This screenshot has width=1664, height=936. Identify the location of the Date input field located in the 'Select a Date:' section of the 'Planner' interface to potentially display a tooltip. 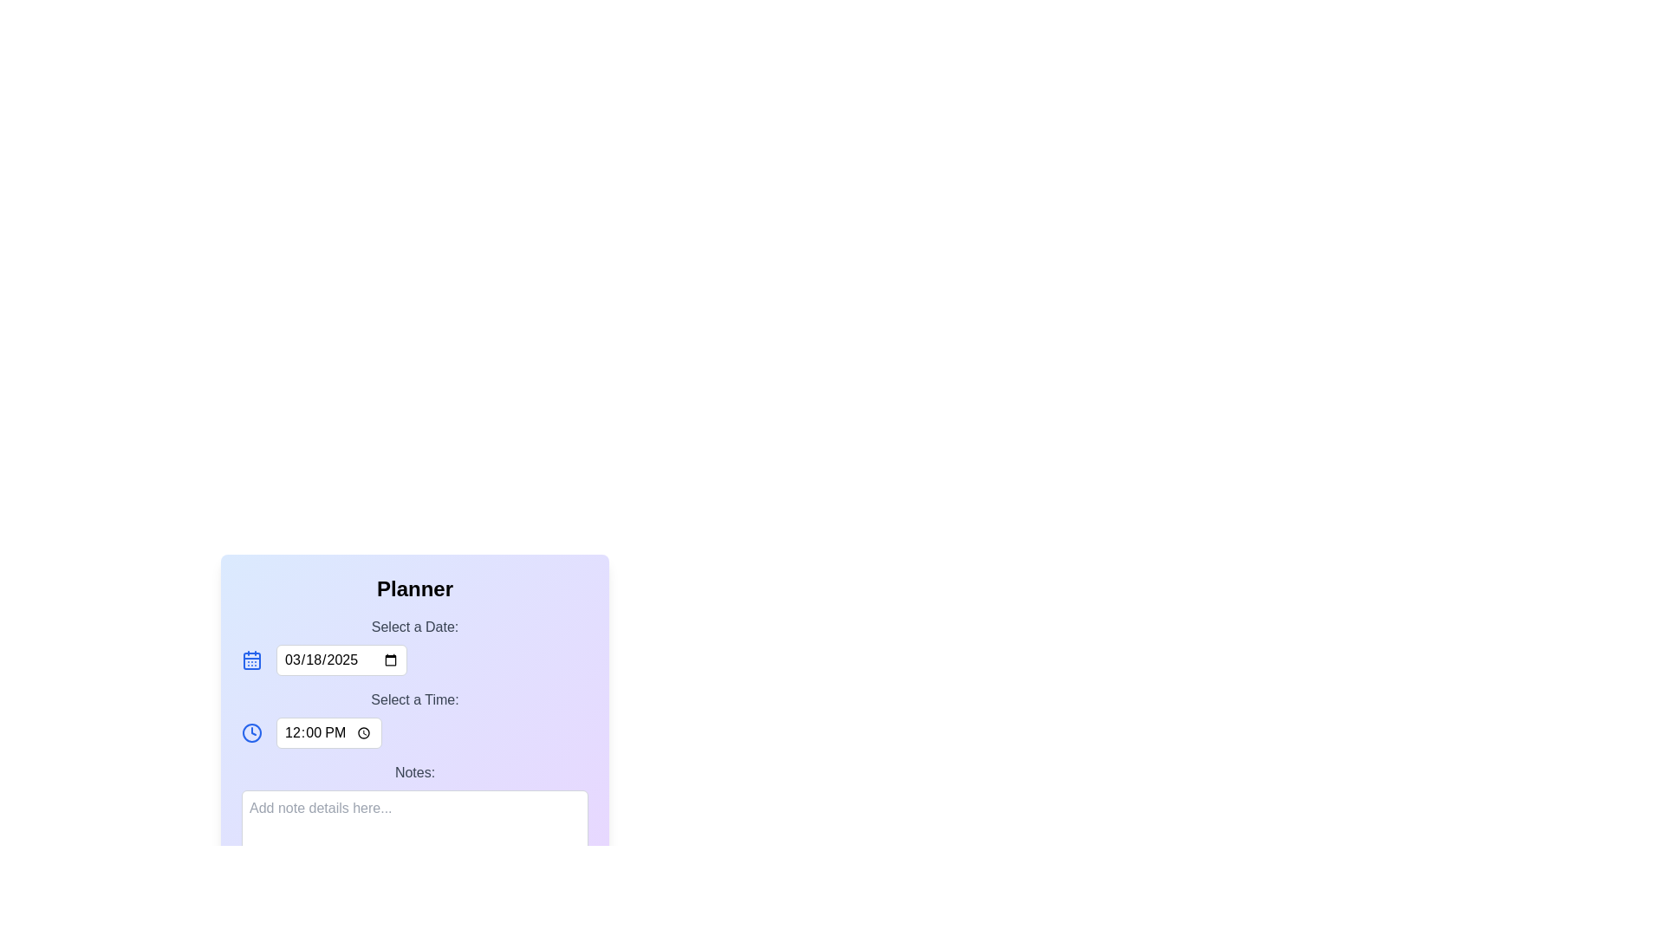
(341, 660).